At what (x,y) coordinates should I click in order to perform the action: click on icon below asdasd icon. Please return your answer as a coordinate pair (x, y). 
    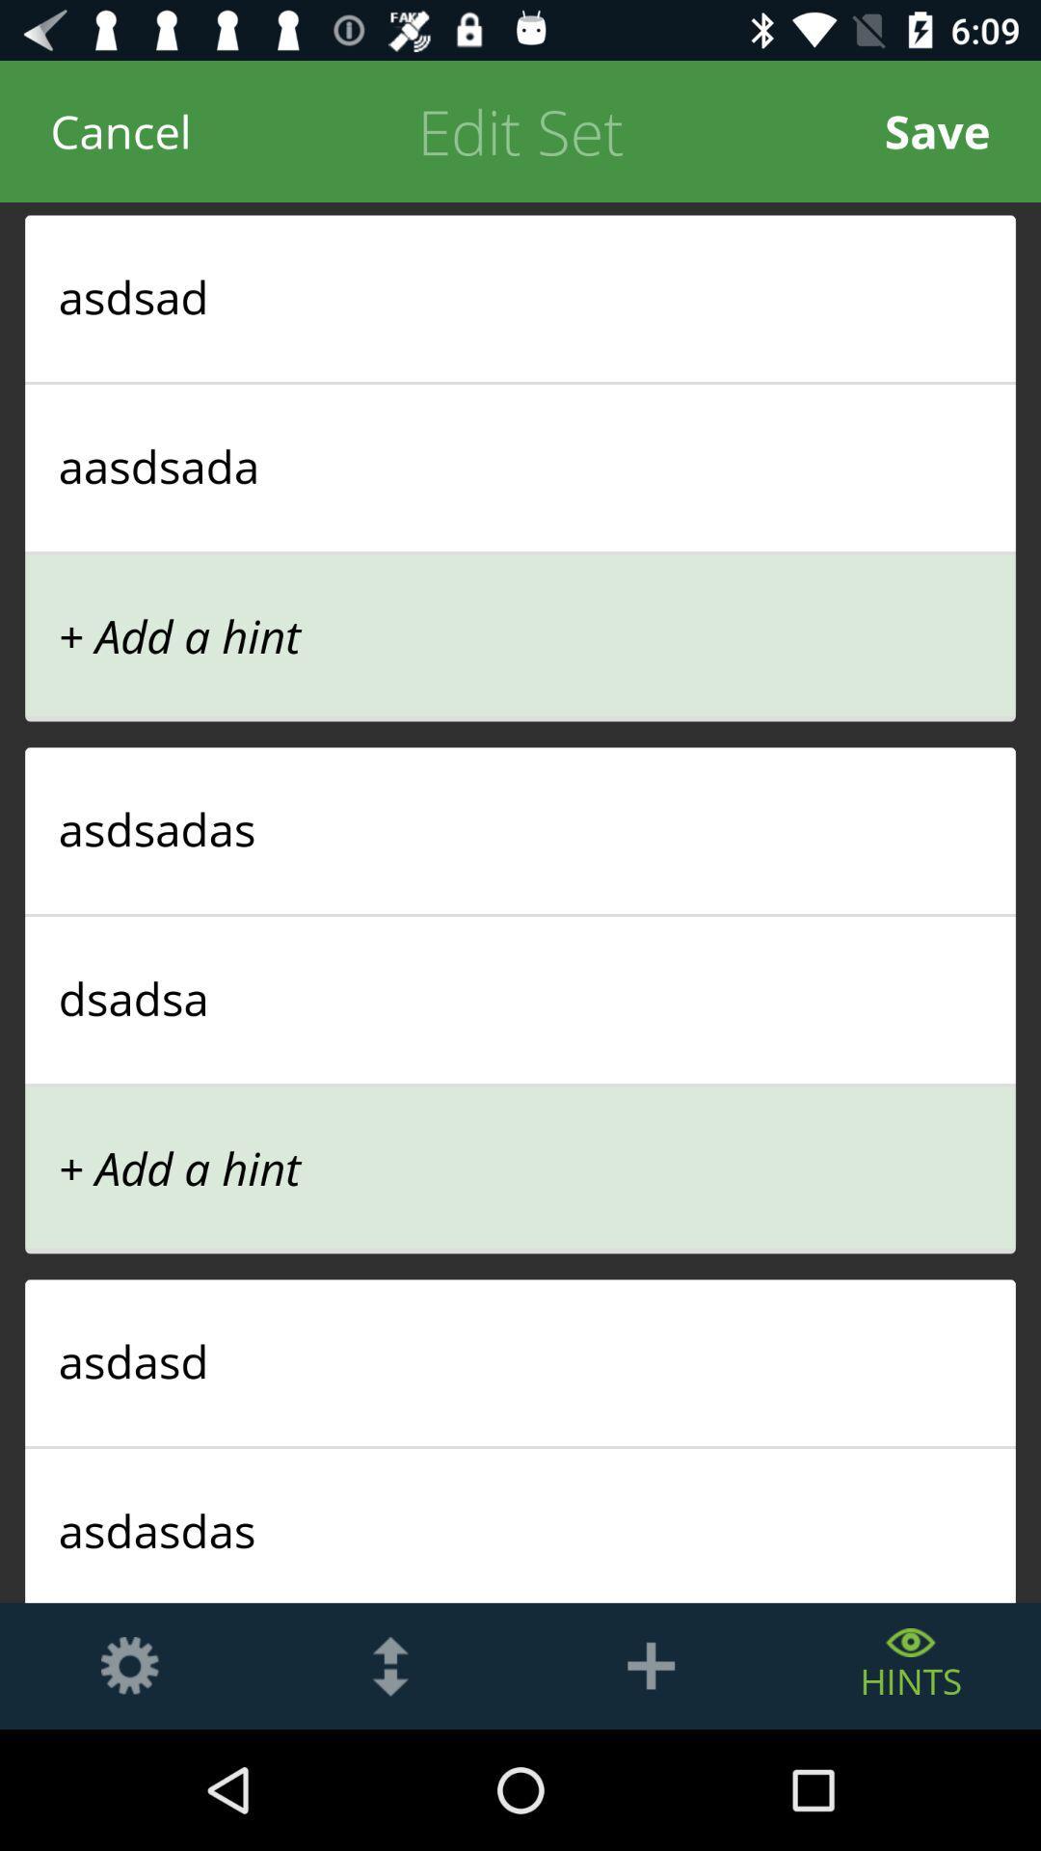
    Looking at the image, I should click on (520, 1447).